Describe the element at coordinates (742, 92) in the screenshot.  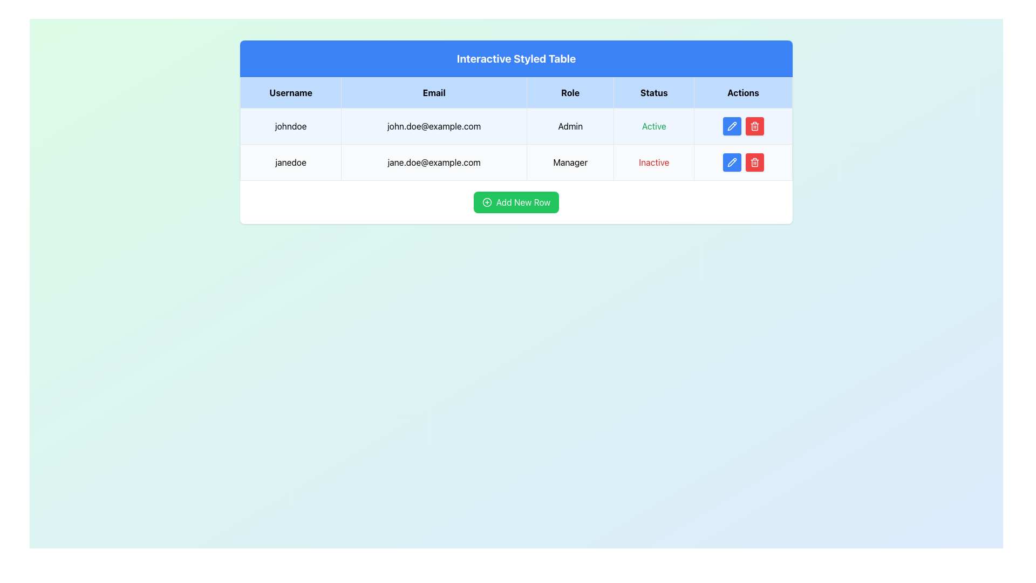
I see `text from the 'Actions' column header, which is the fifth column header in the table layout` at that location.